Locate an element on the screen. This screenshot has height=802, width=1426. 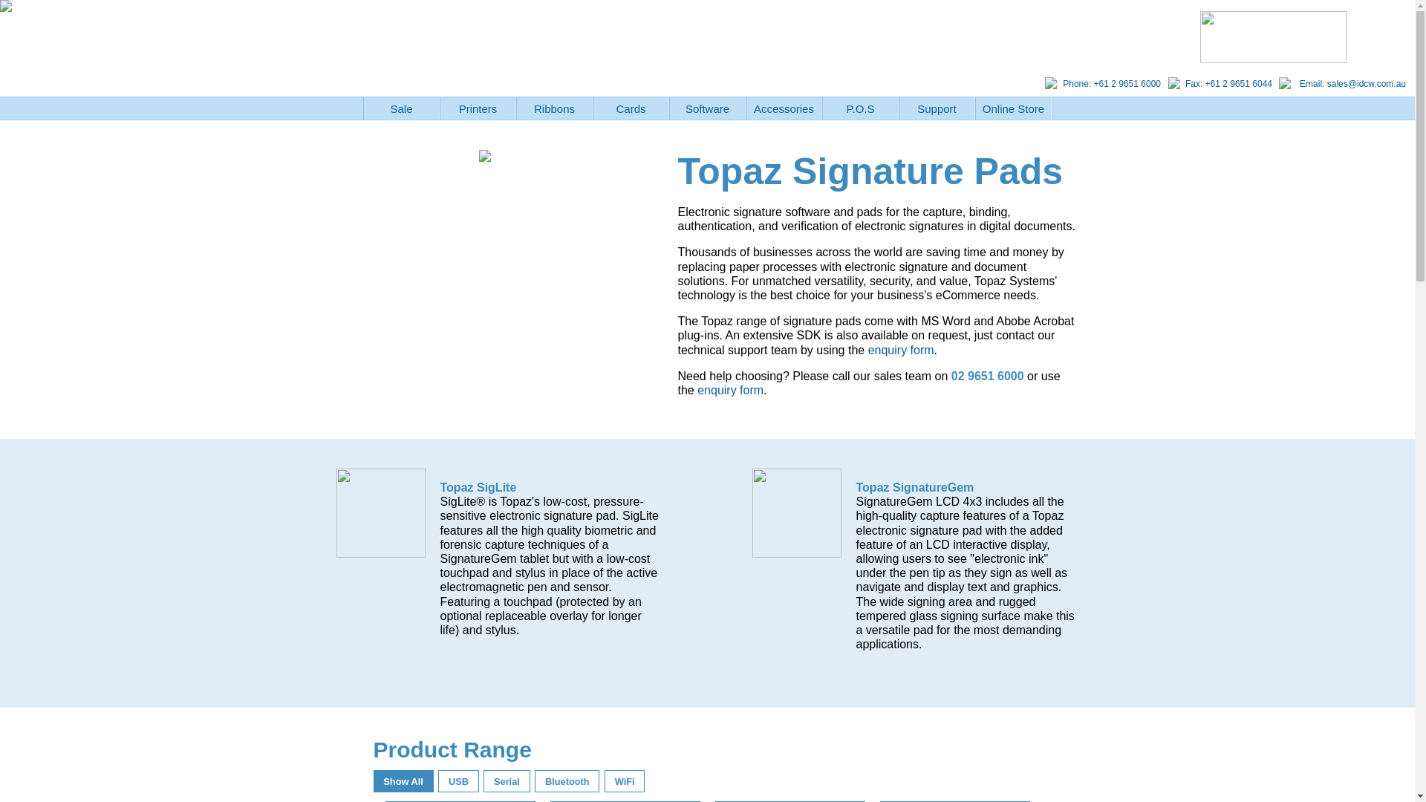
'Accessories' is located at coordinates (745, 108).